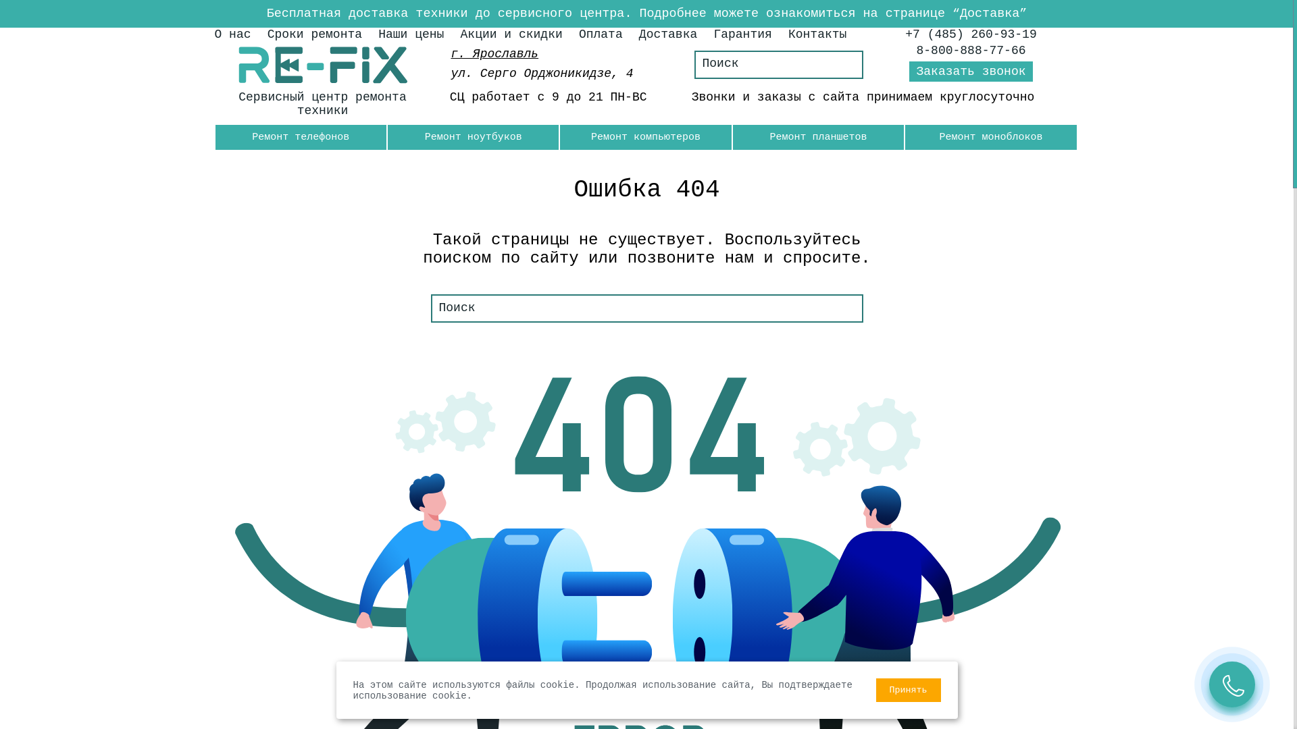 The height and width of the screenshot is (729, 1297). I want to click on '8-800-888-77-66', so click(971, 49).